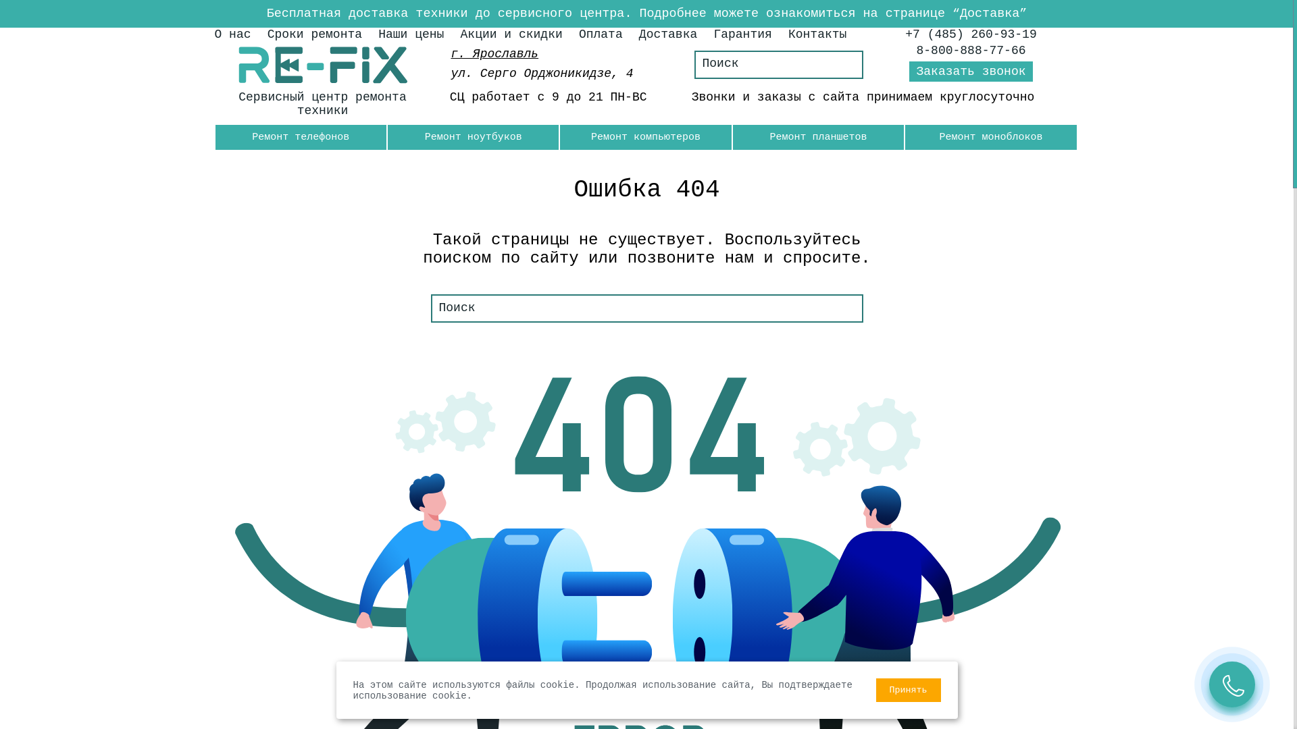 The height and width of the screenshot is (729, 1297). I want to click on '8-800-888-77-66', so click(971, 49).